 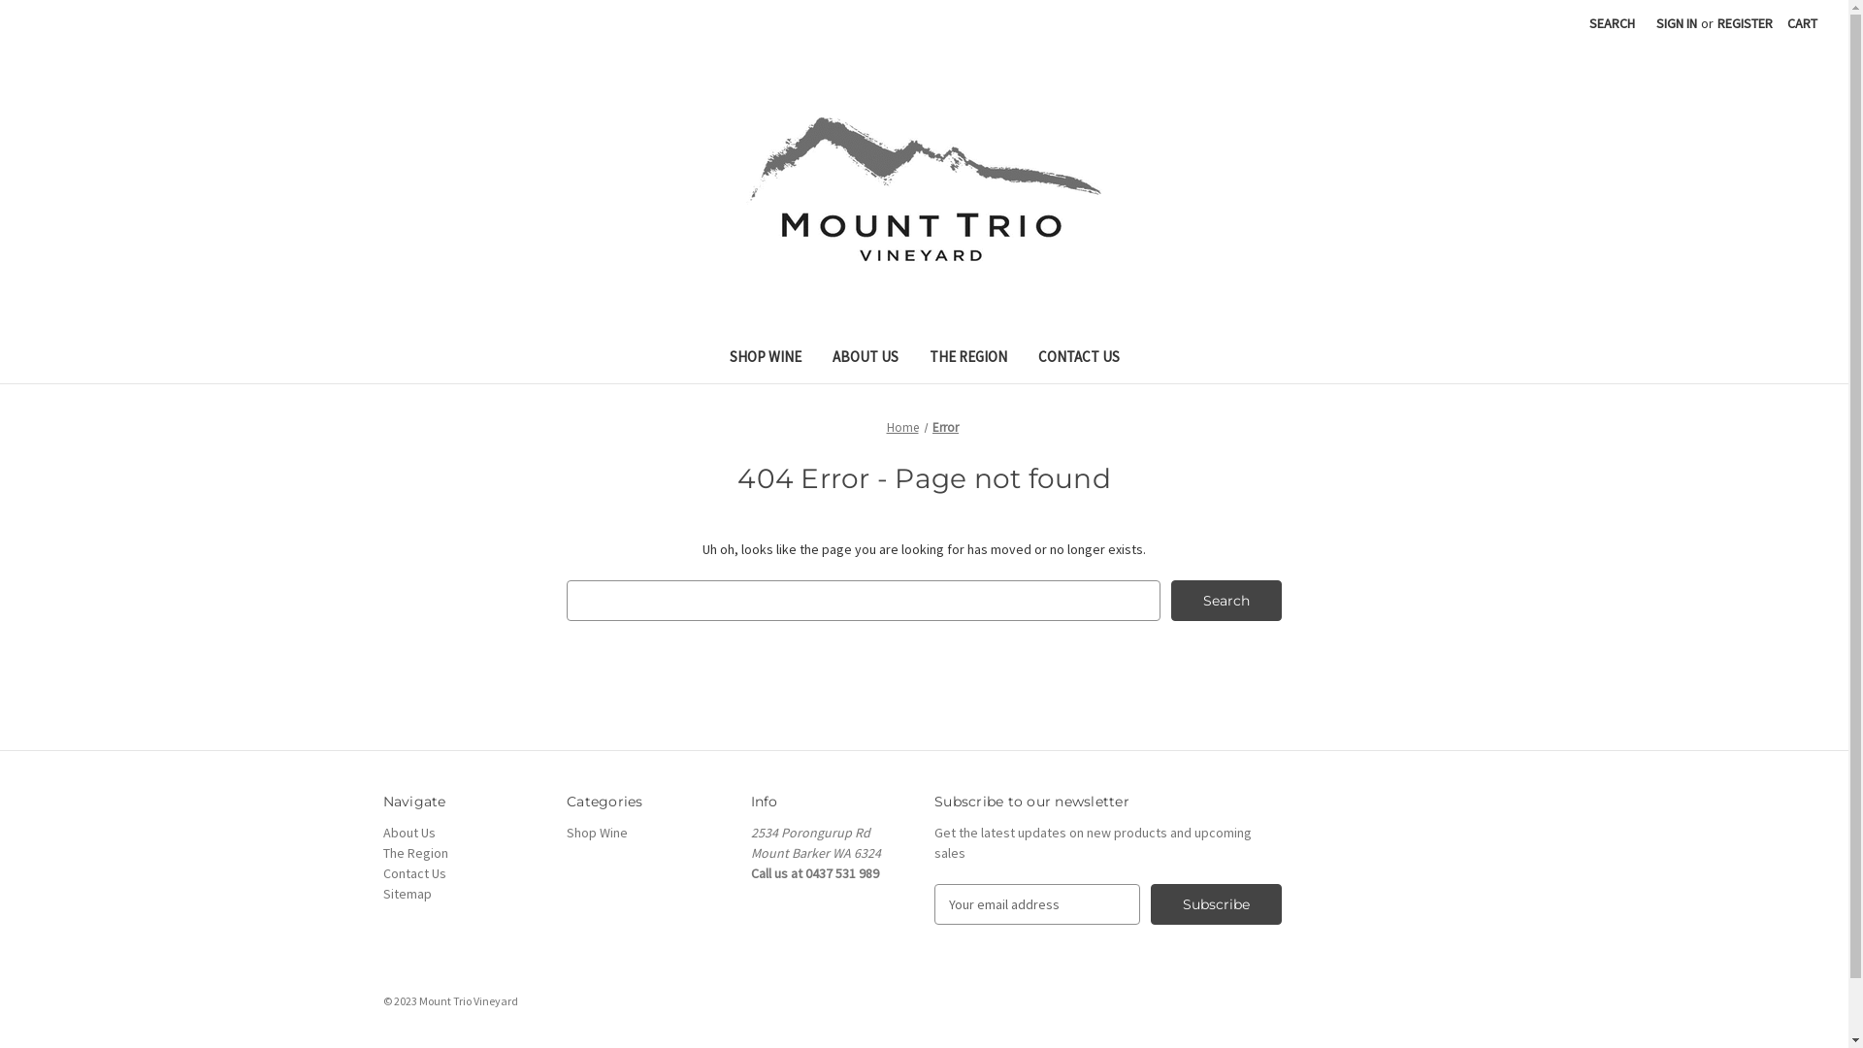 What do you see at coordinates (413, 852) in the screenshot?
I see `'The Region'` at bounding box center [413, 852].